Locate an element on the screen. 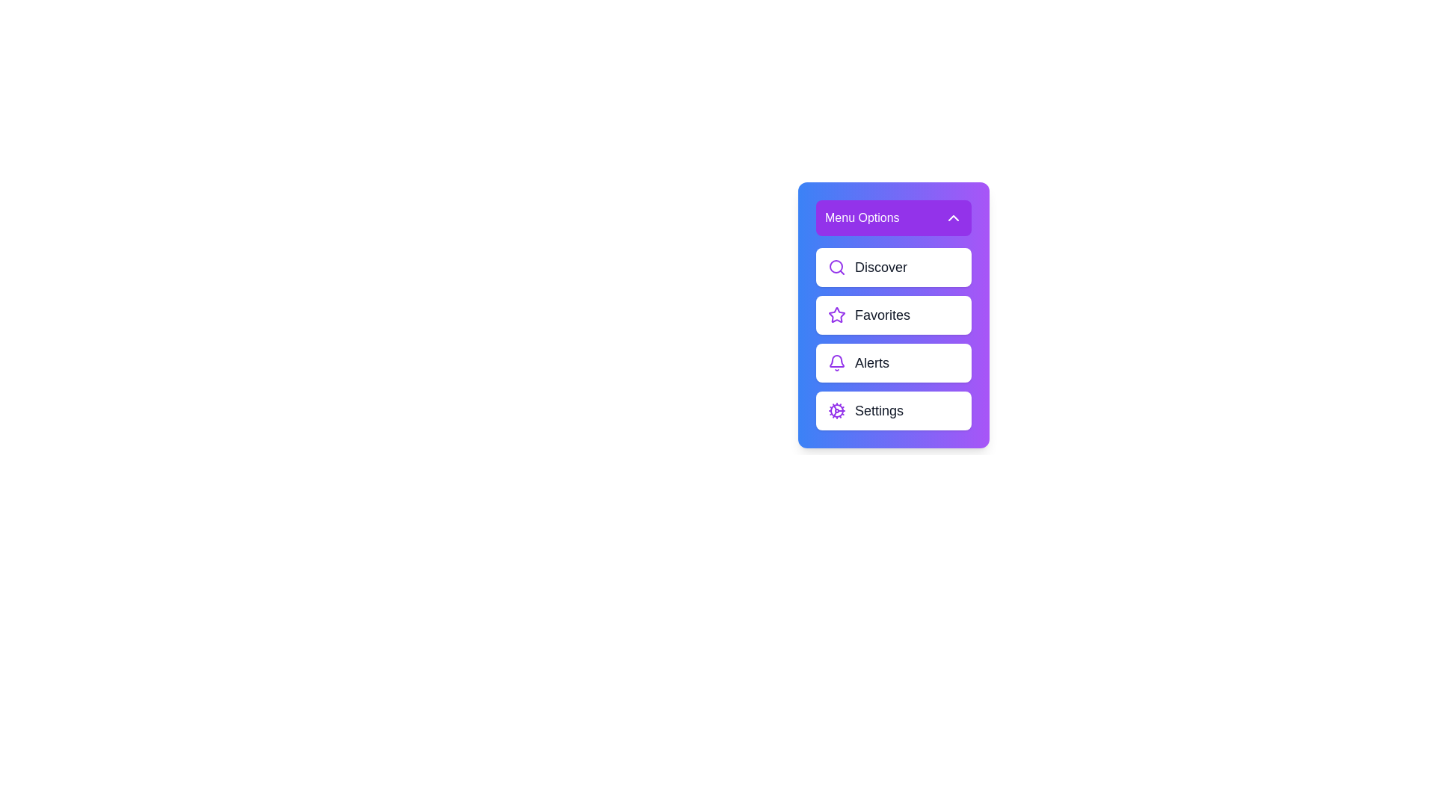  the fourth button in the sidebar menu is located at coordinates (893, 411).